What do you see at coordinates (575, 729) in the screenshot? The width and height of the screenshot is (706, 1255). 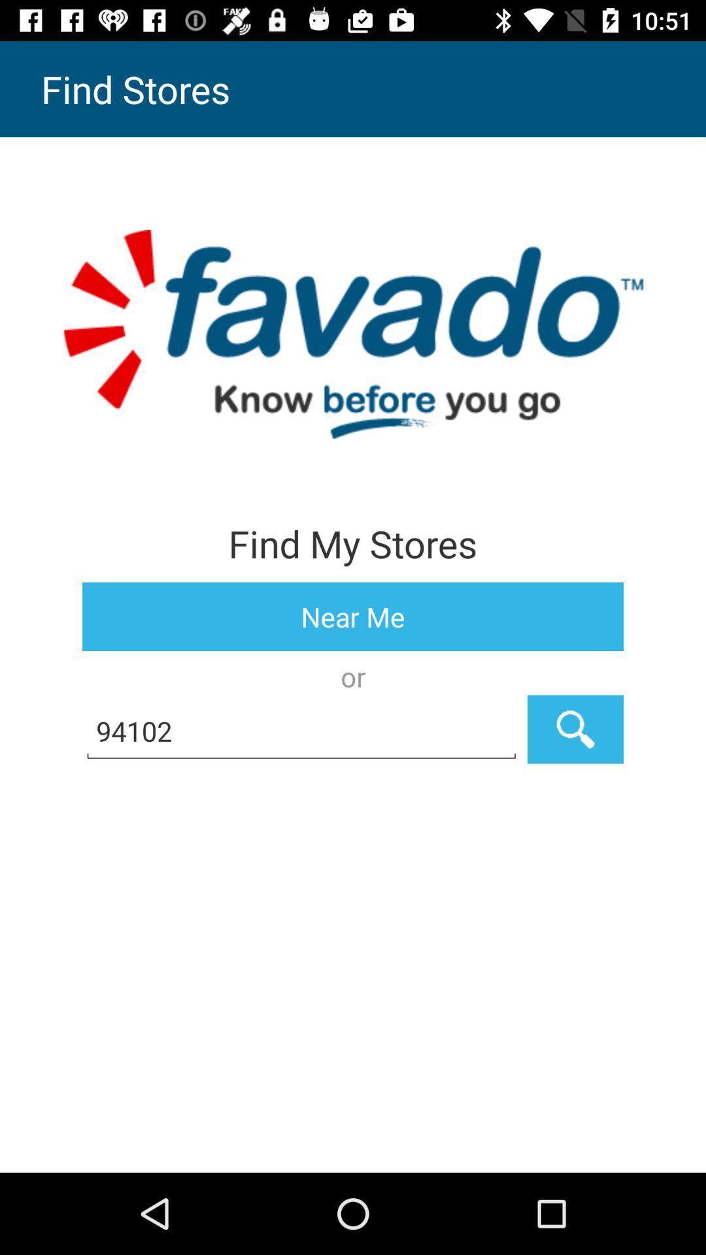 I see `the search icon` at bounding box center [575, 729].